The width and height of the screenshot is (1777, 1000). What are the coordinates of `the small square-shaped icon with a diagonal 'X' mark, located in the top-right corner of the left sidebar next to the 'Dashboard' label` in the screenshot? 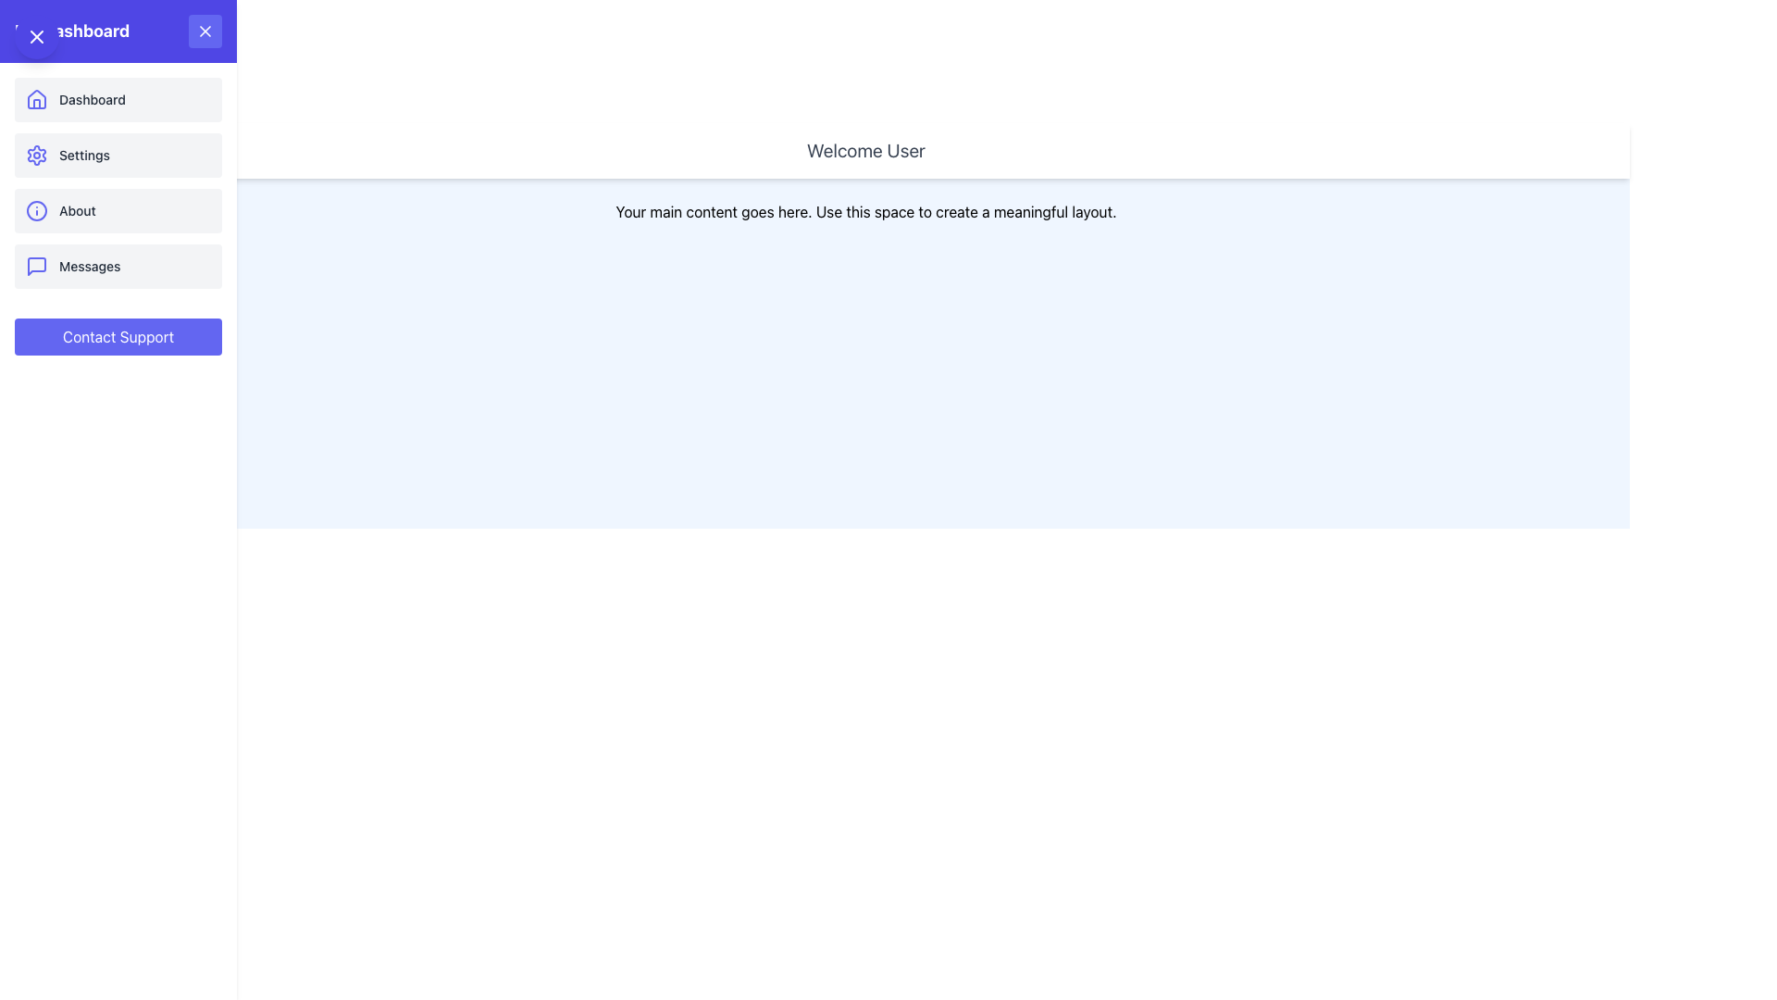 It's located at (205, 31).